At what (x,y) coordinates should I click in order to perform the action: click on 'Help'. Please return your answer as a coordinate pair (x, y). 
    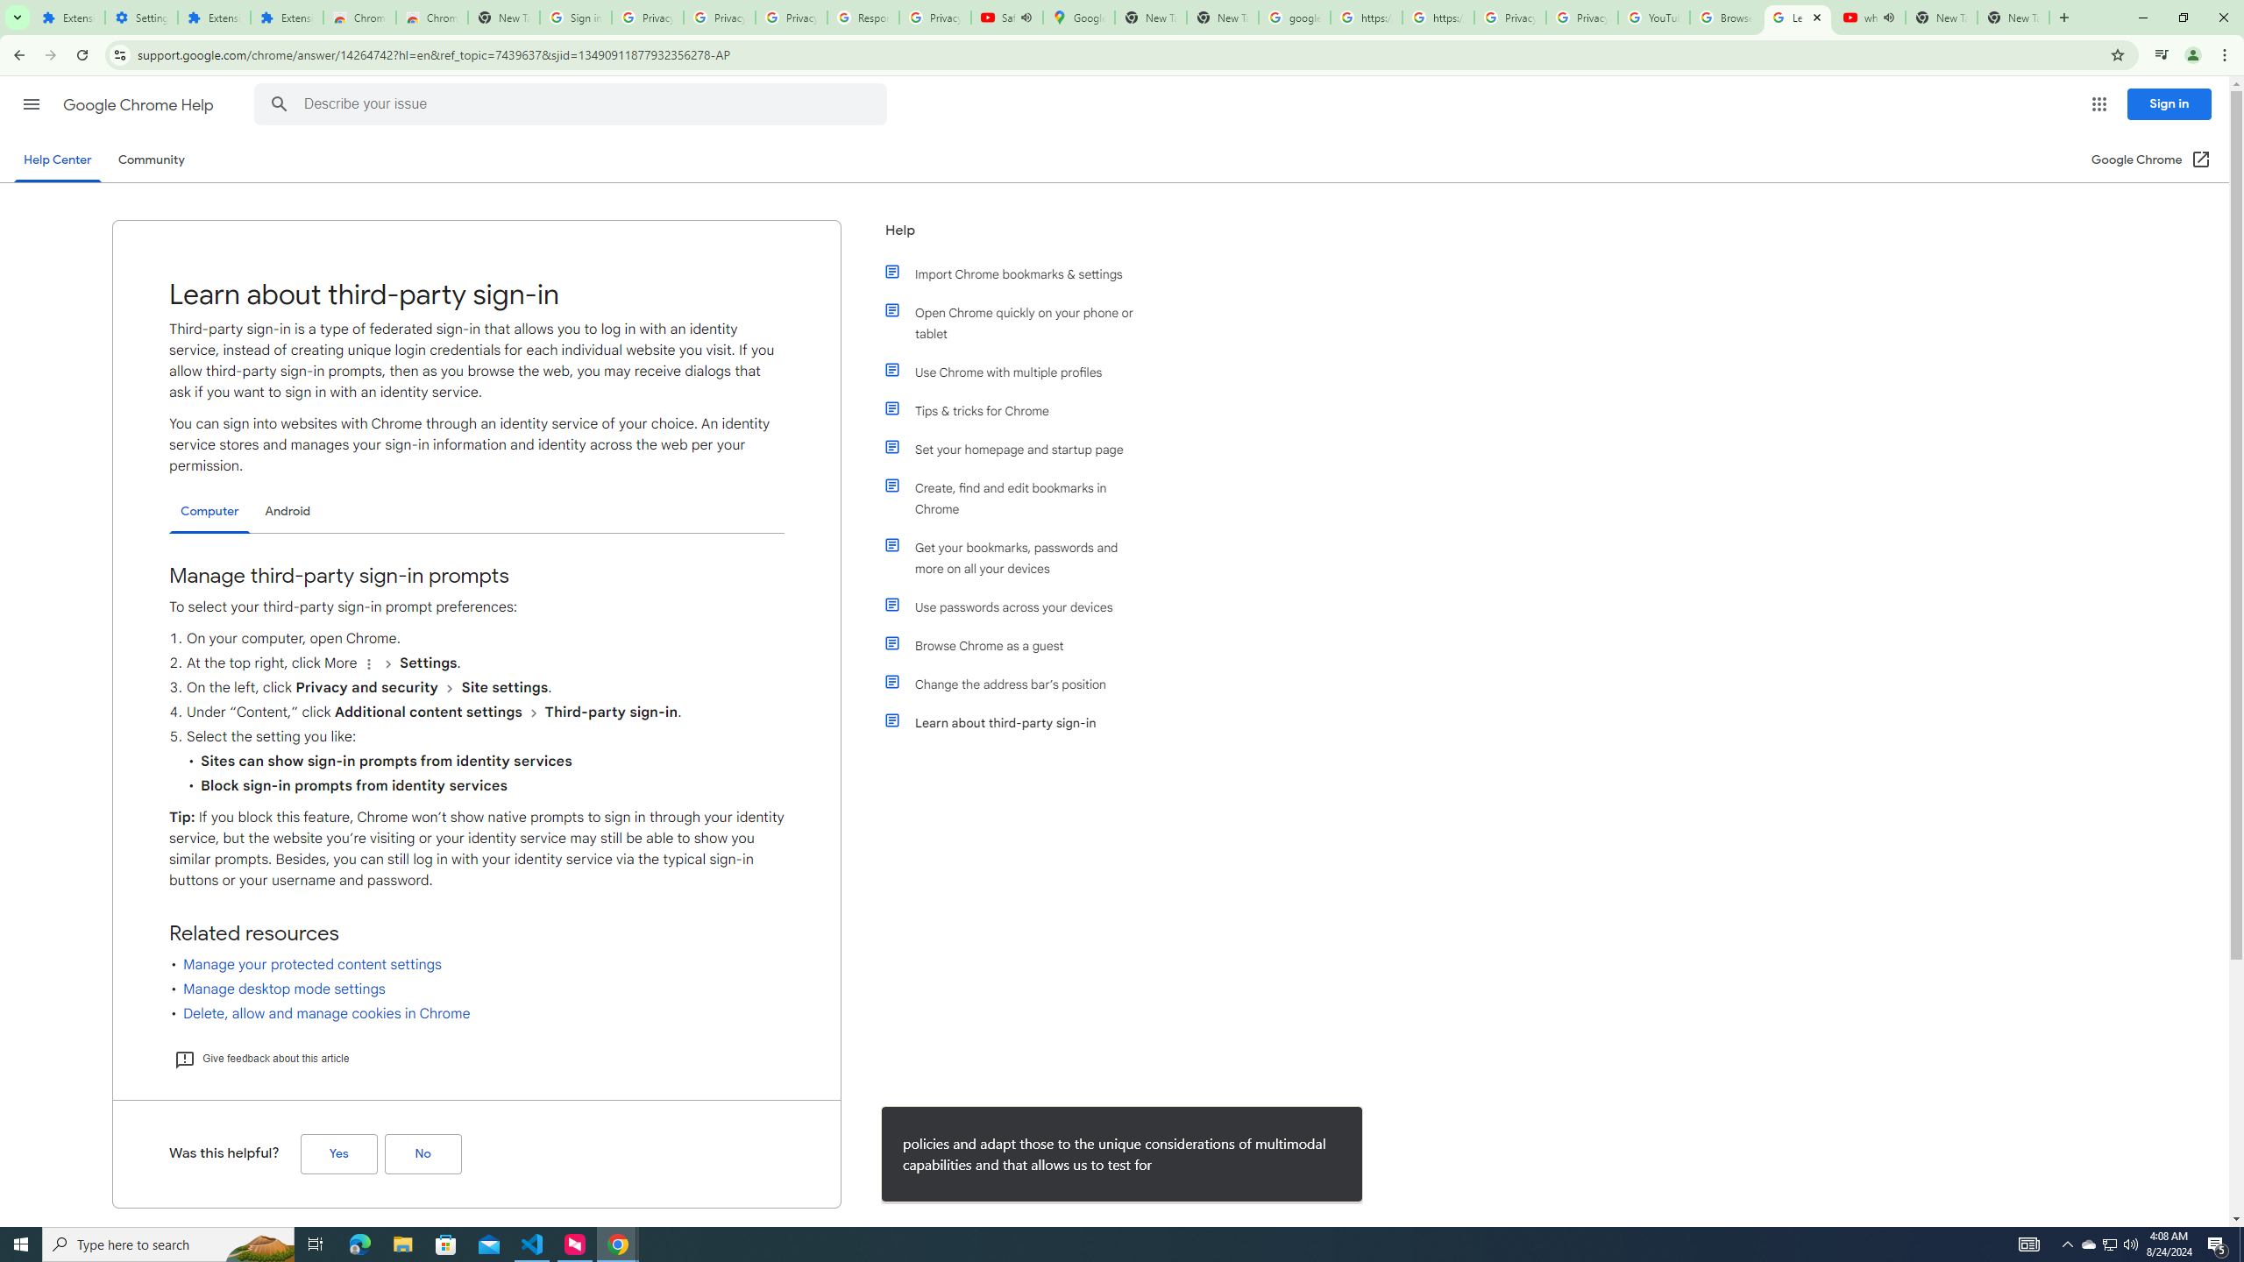
    Looking at the image, I should click on (1011, 236).